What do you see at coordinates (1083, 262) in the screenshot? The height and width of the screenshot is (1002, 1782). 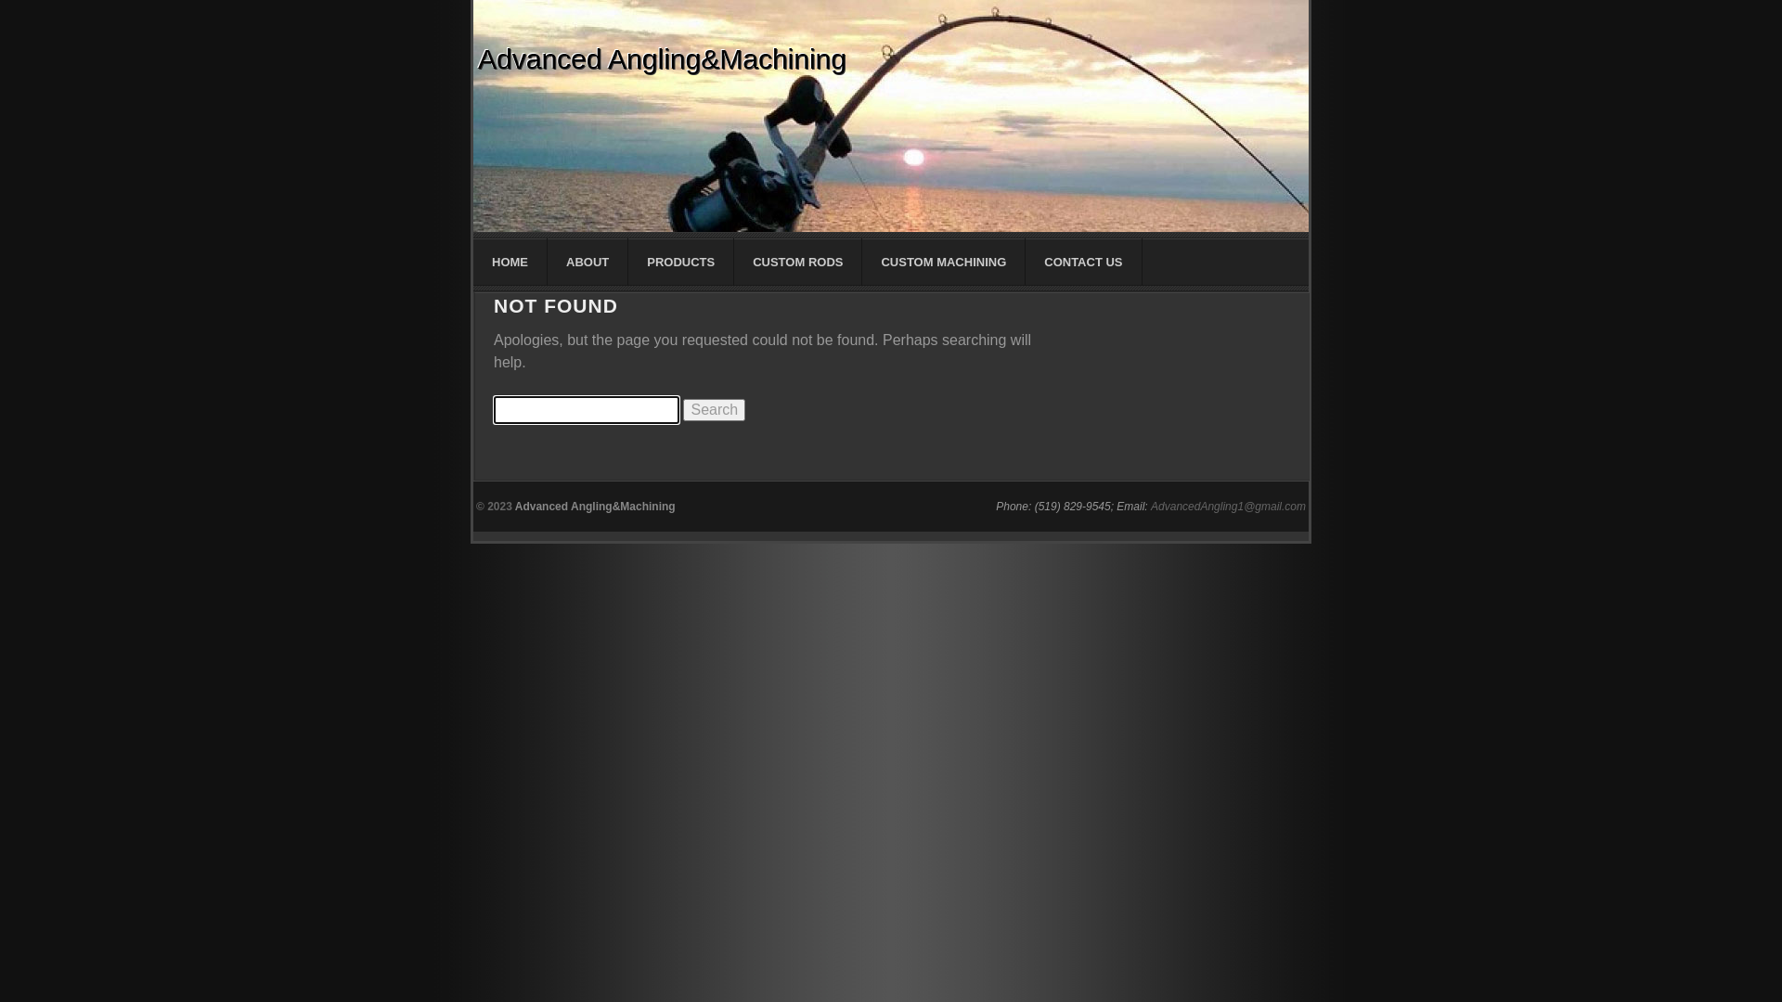 I see `'CONTACT US'` at bounding box center [1083, 262].